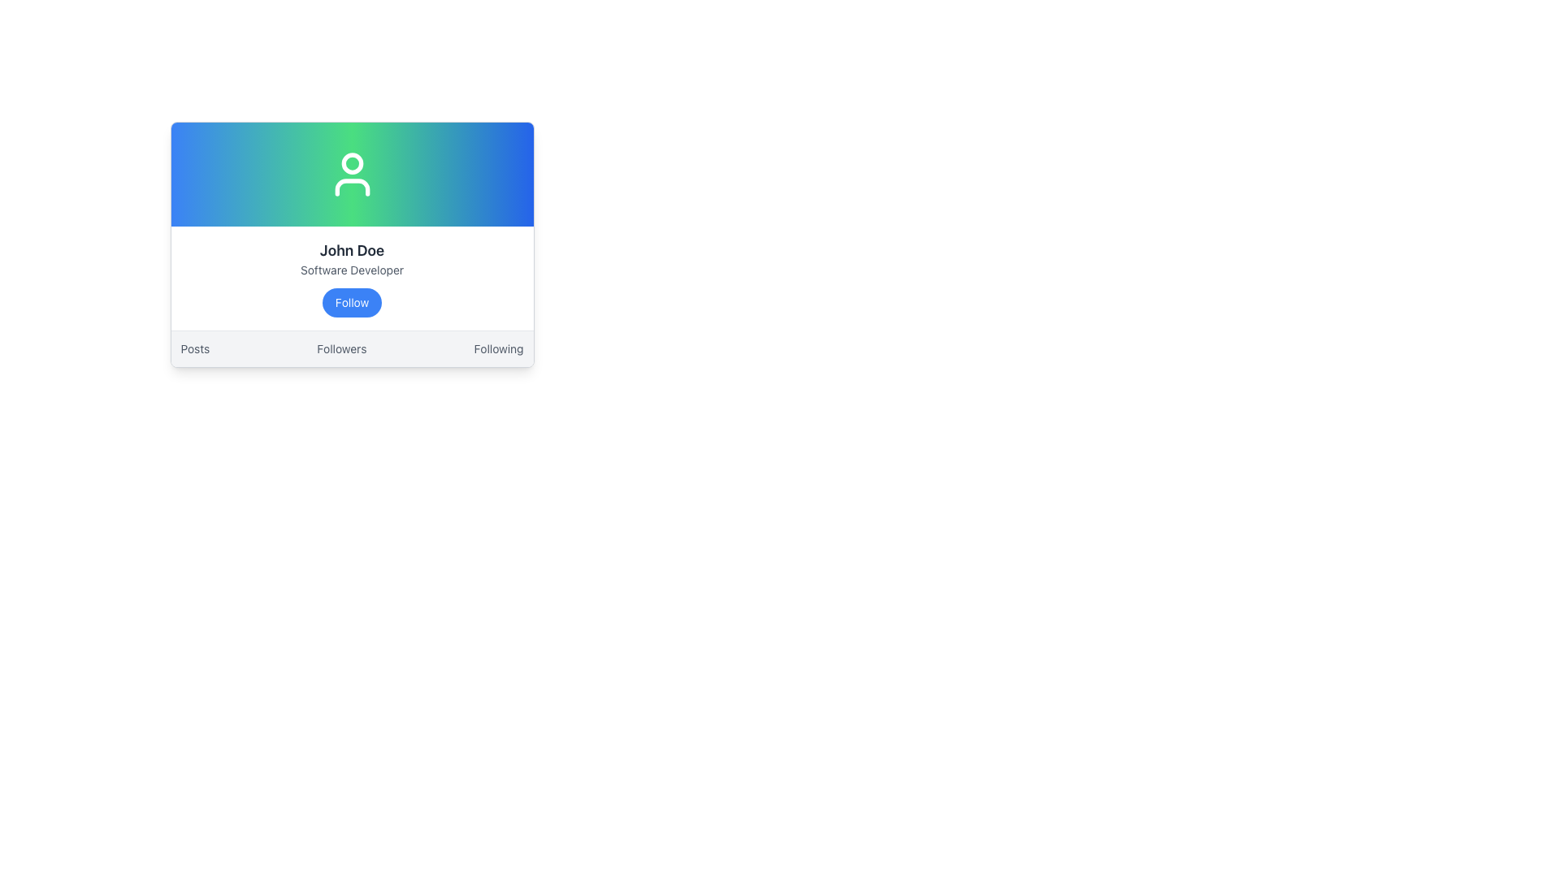 The width and height of the screenshot is (1560, 877). I want to click on the 'Followers' hyperlink, so click(340, 348).